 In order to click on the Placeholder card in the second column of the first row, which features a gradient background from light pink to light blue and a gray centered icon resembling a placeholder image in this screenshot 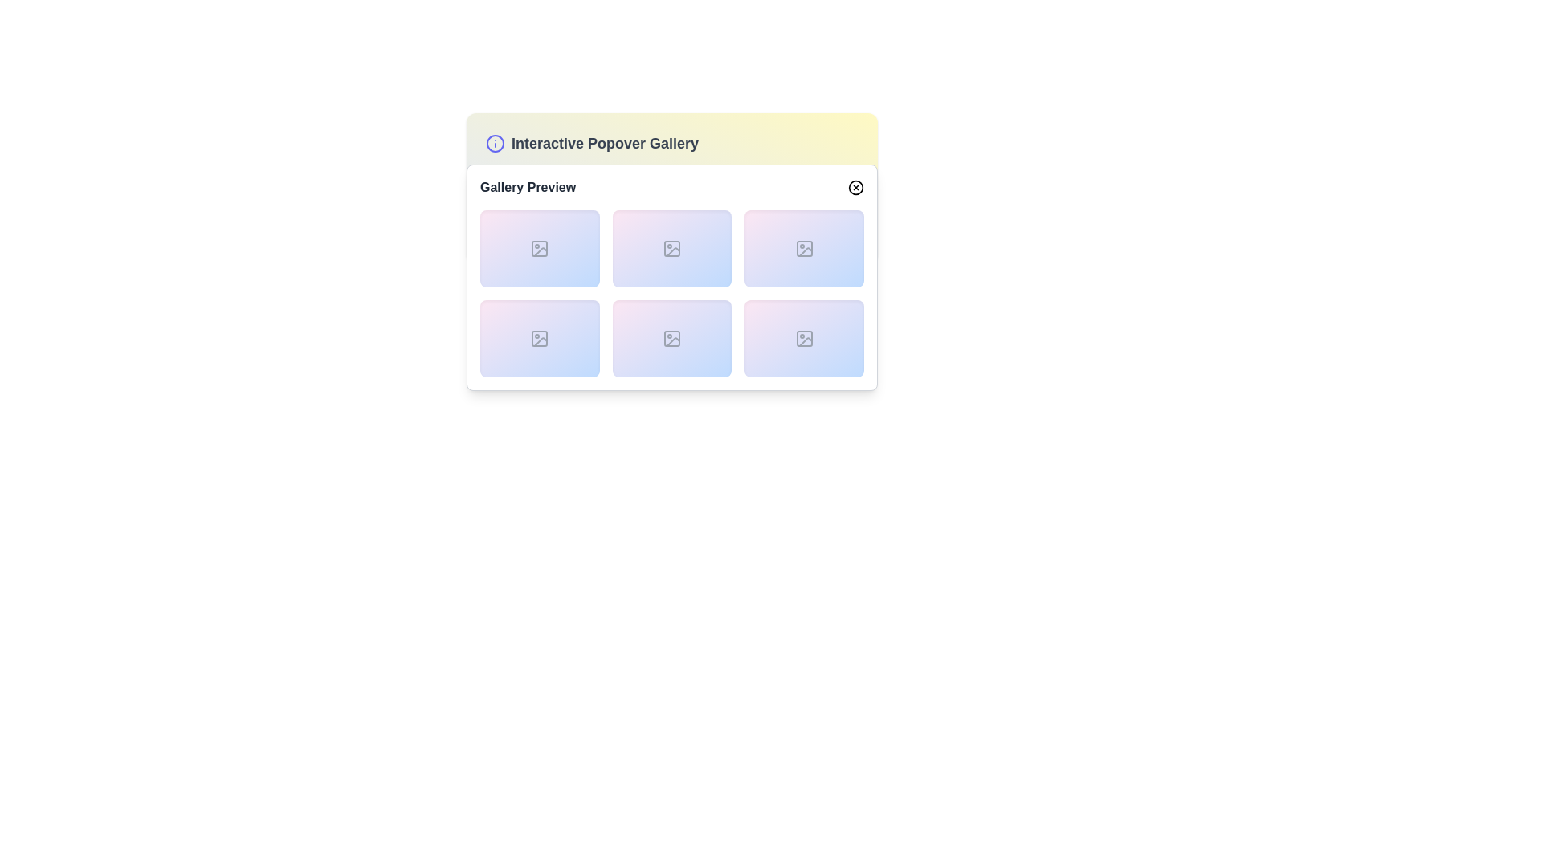, I will do `click(671, 248)`.